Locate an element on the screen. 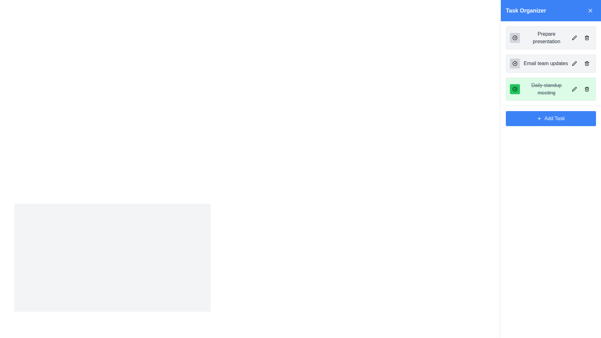 This screenshot has height=338, width=601. the checkbox-like button for the 'Prepare presentation' task is located at coordinates (515, 38).